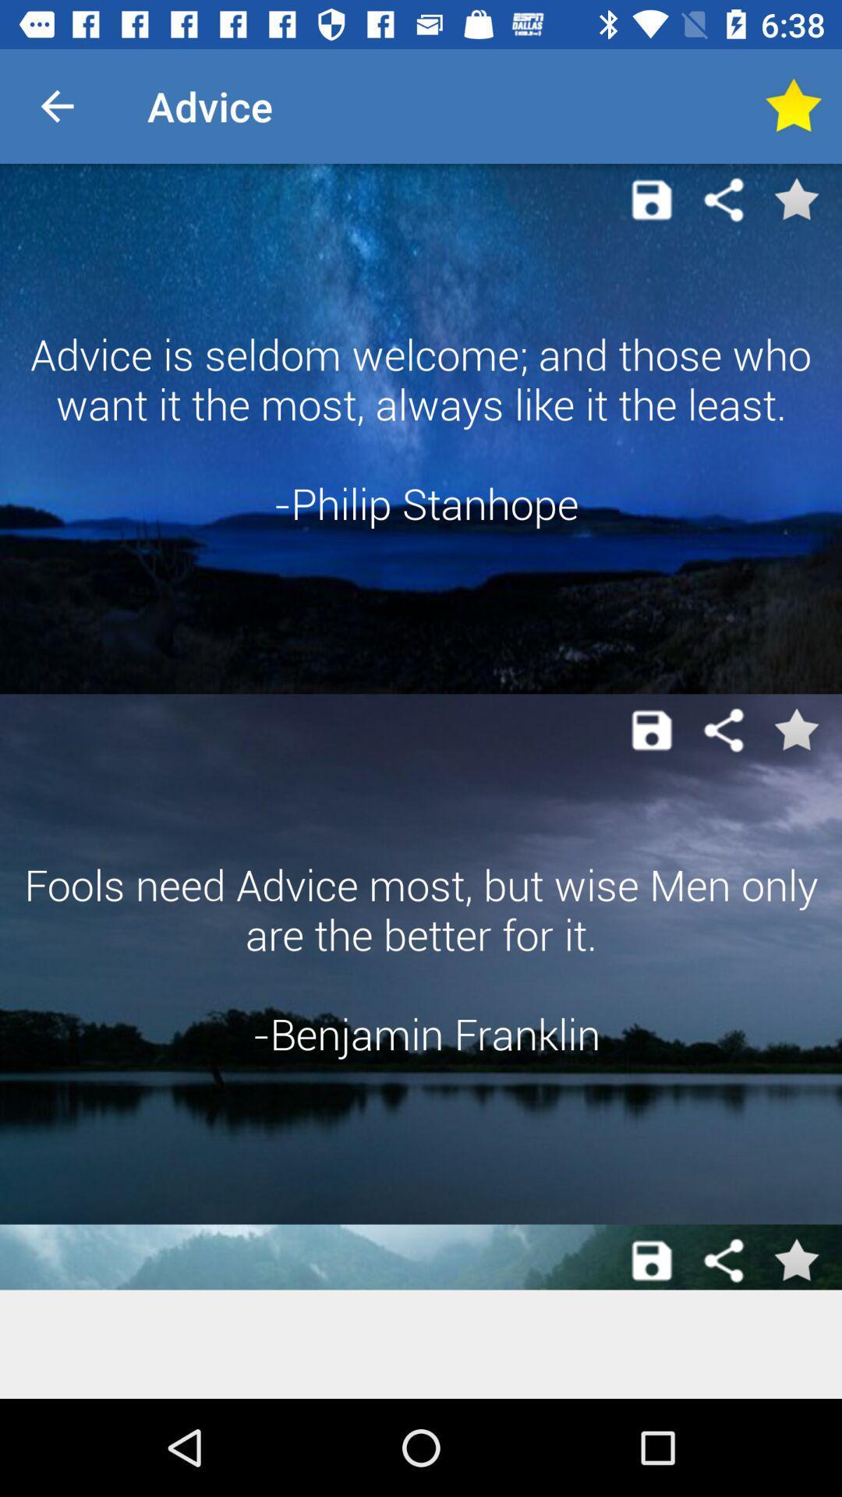 This screenshot has height=1497, width=842. I want to click on save, so click(652, 1261).